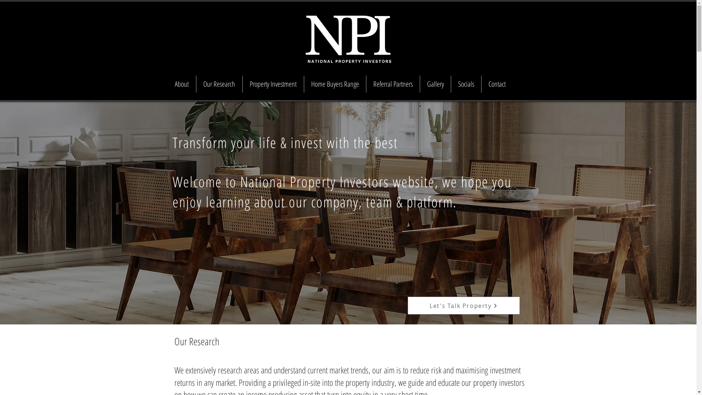  What do you see at coordinates (181, 84) in the screenshot?
I see `'About'` at bounding box center [181, 84].